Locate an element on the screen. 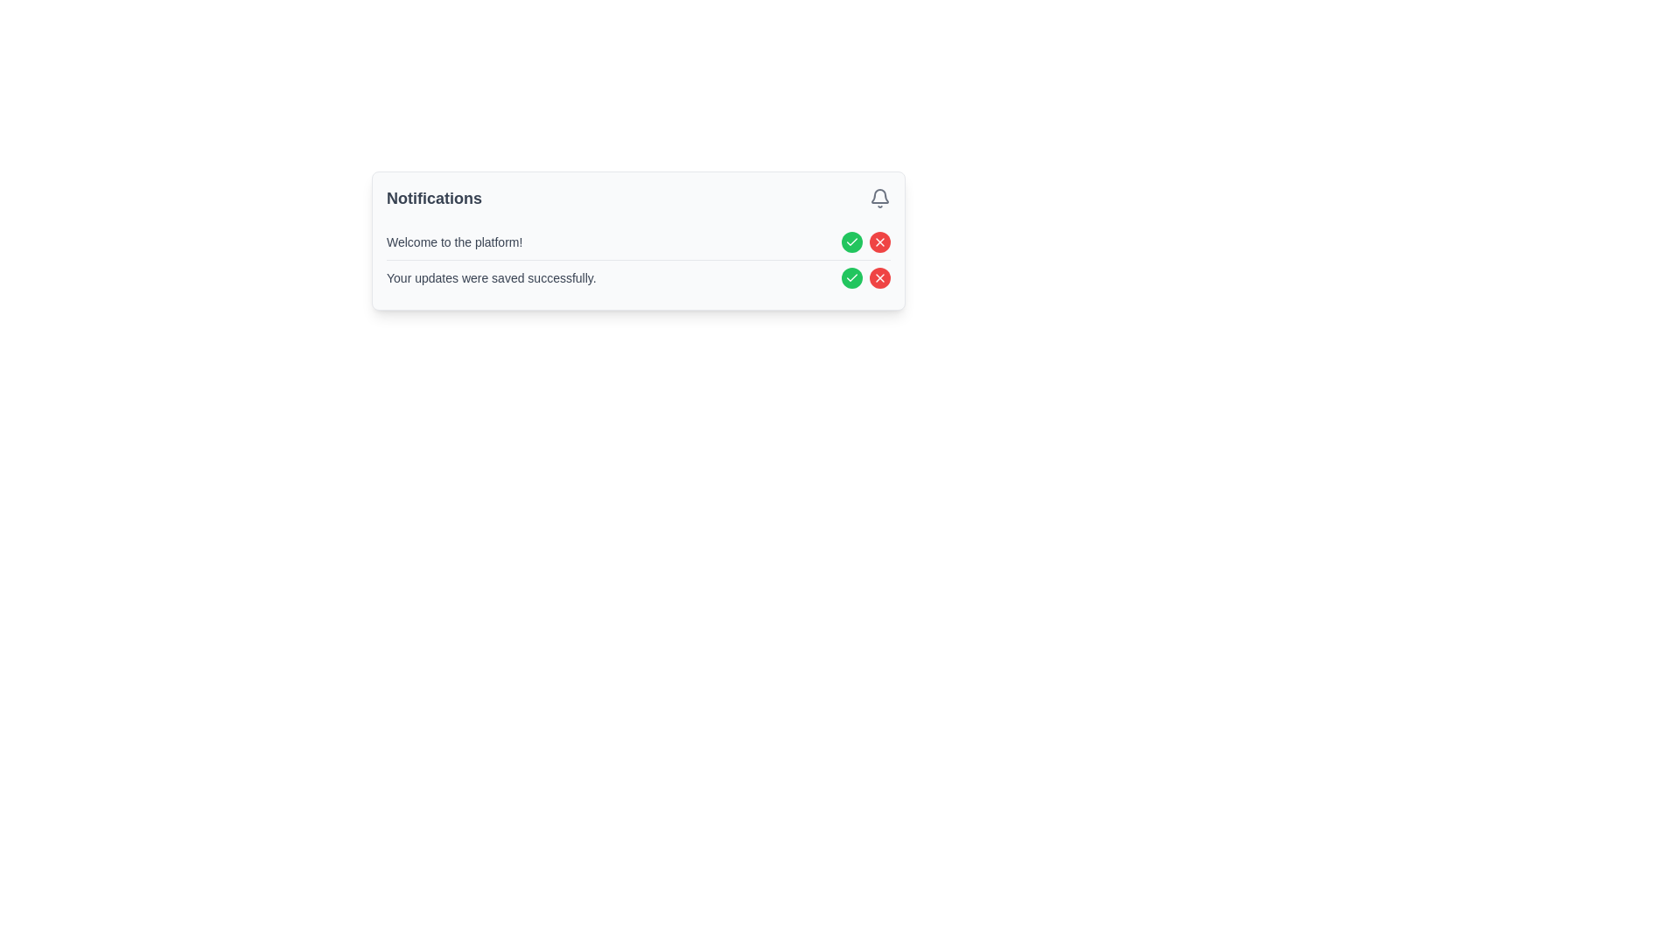 The image size is (1680, 945). the cancel button, which is the second circular button in the notification is located at coordinates (880, 276).